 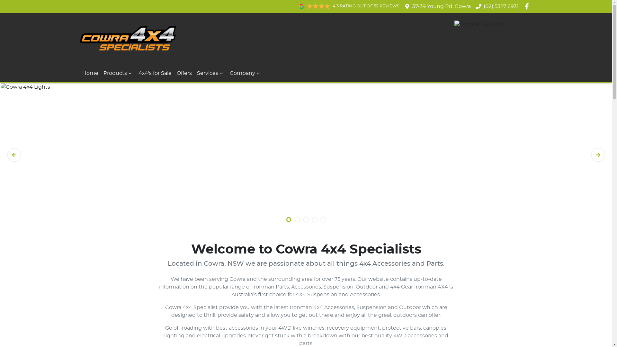 I want to click on 'Services', so click(x=210, y=73).